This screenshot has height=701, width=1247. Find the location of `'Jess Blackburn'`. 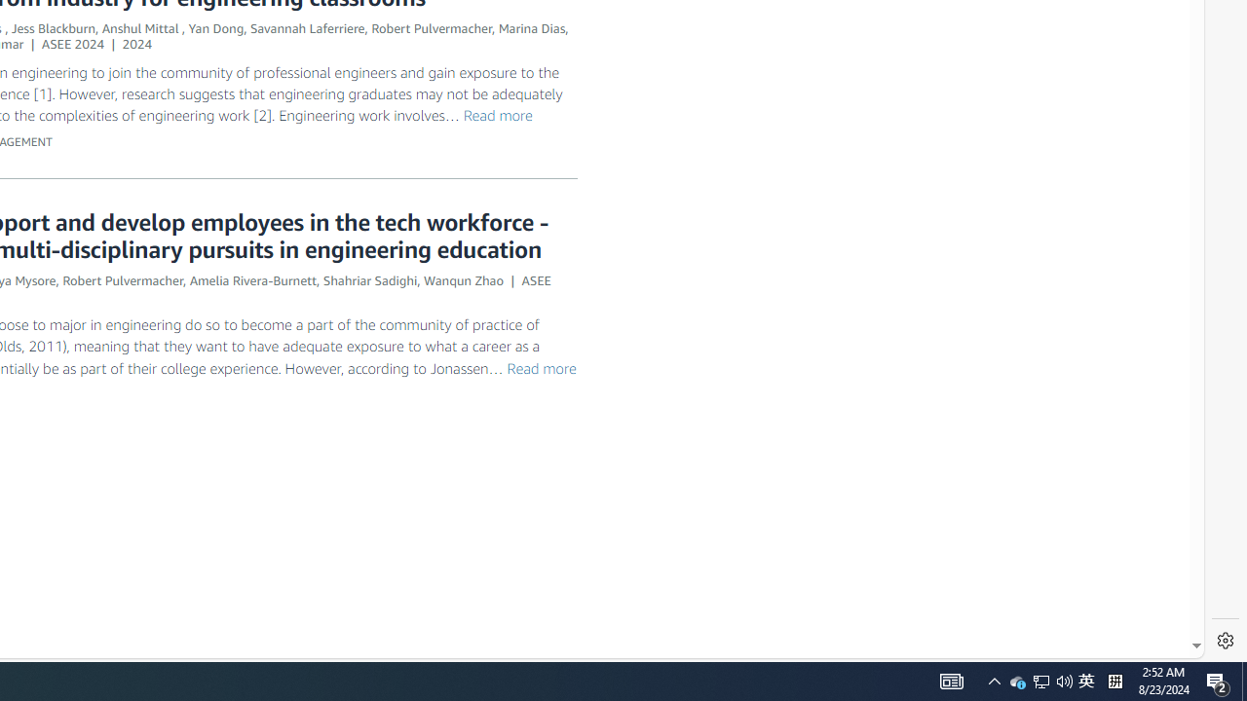

'Jess Blackburn' is located at coordinates (54, 28).